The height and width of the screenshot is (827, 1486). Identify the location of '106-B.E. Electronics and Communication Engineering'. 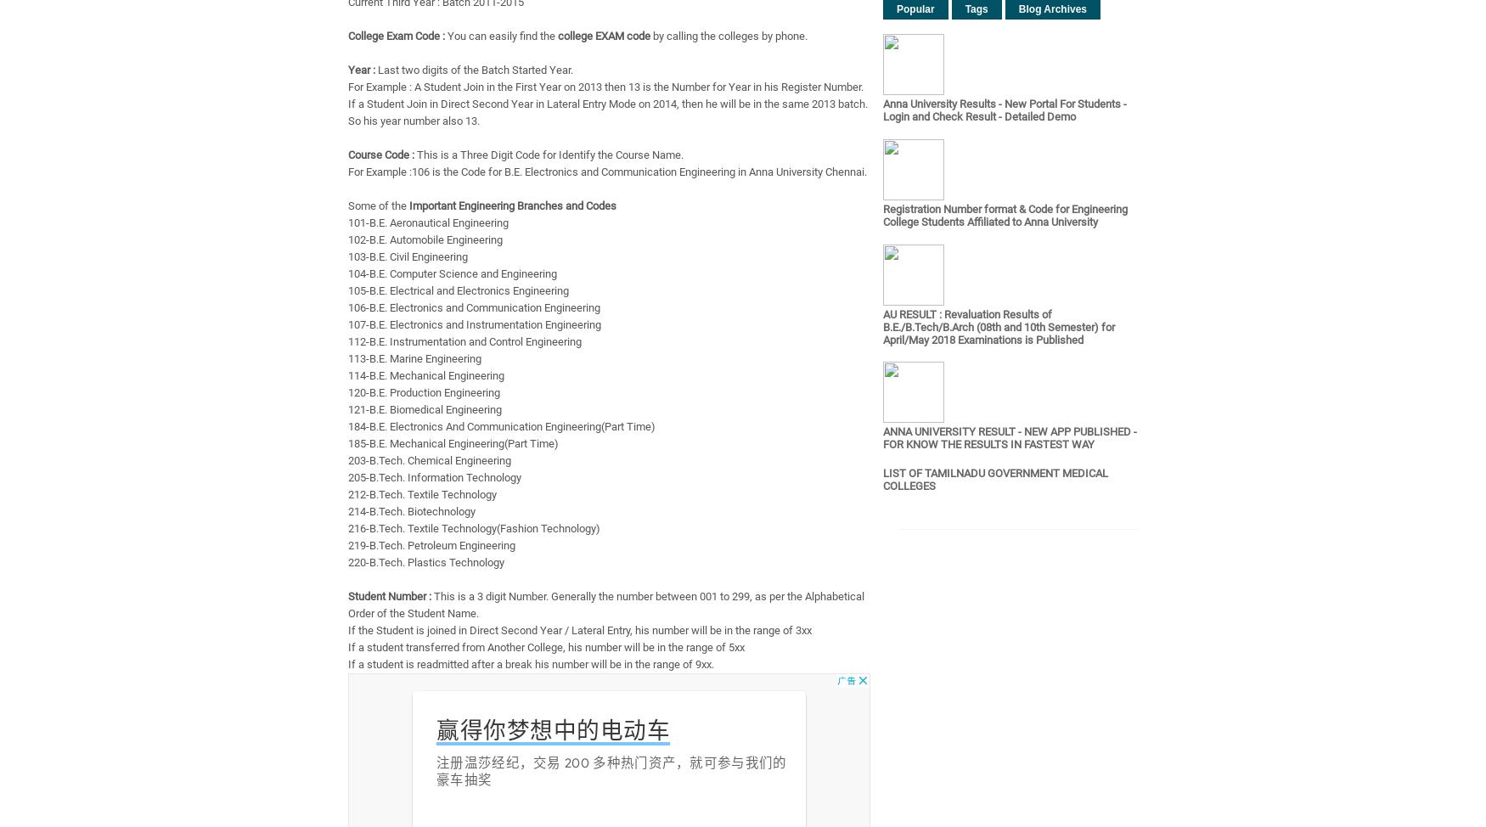
(473, 307).